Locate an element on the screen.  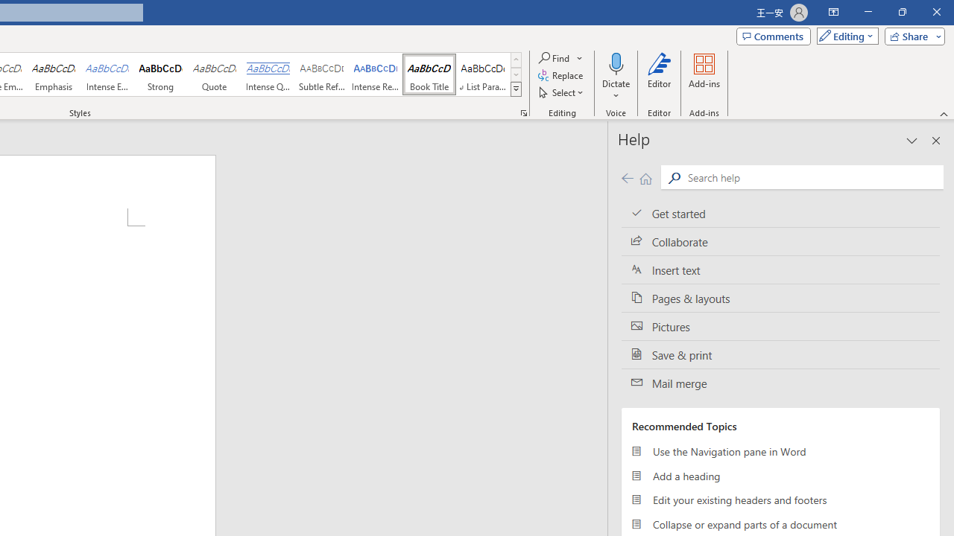
'Intense Quote' is located at coordinates (268, 74).